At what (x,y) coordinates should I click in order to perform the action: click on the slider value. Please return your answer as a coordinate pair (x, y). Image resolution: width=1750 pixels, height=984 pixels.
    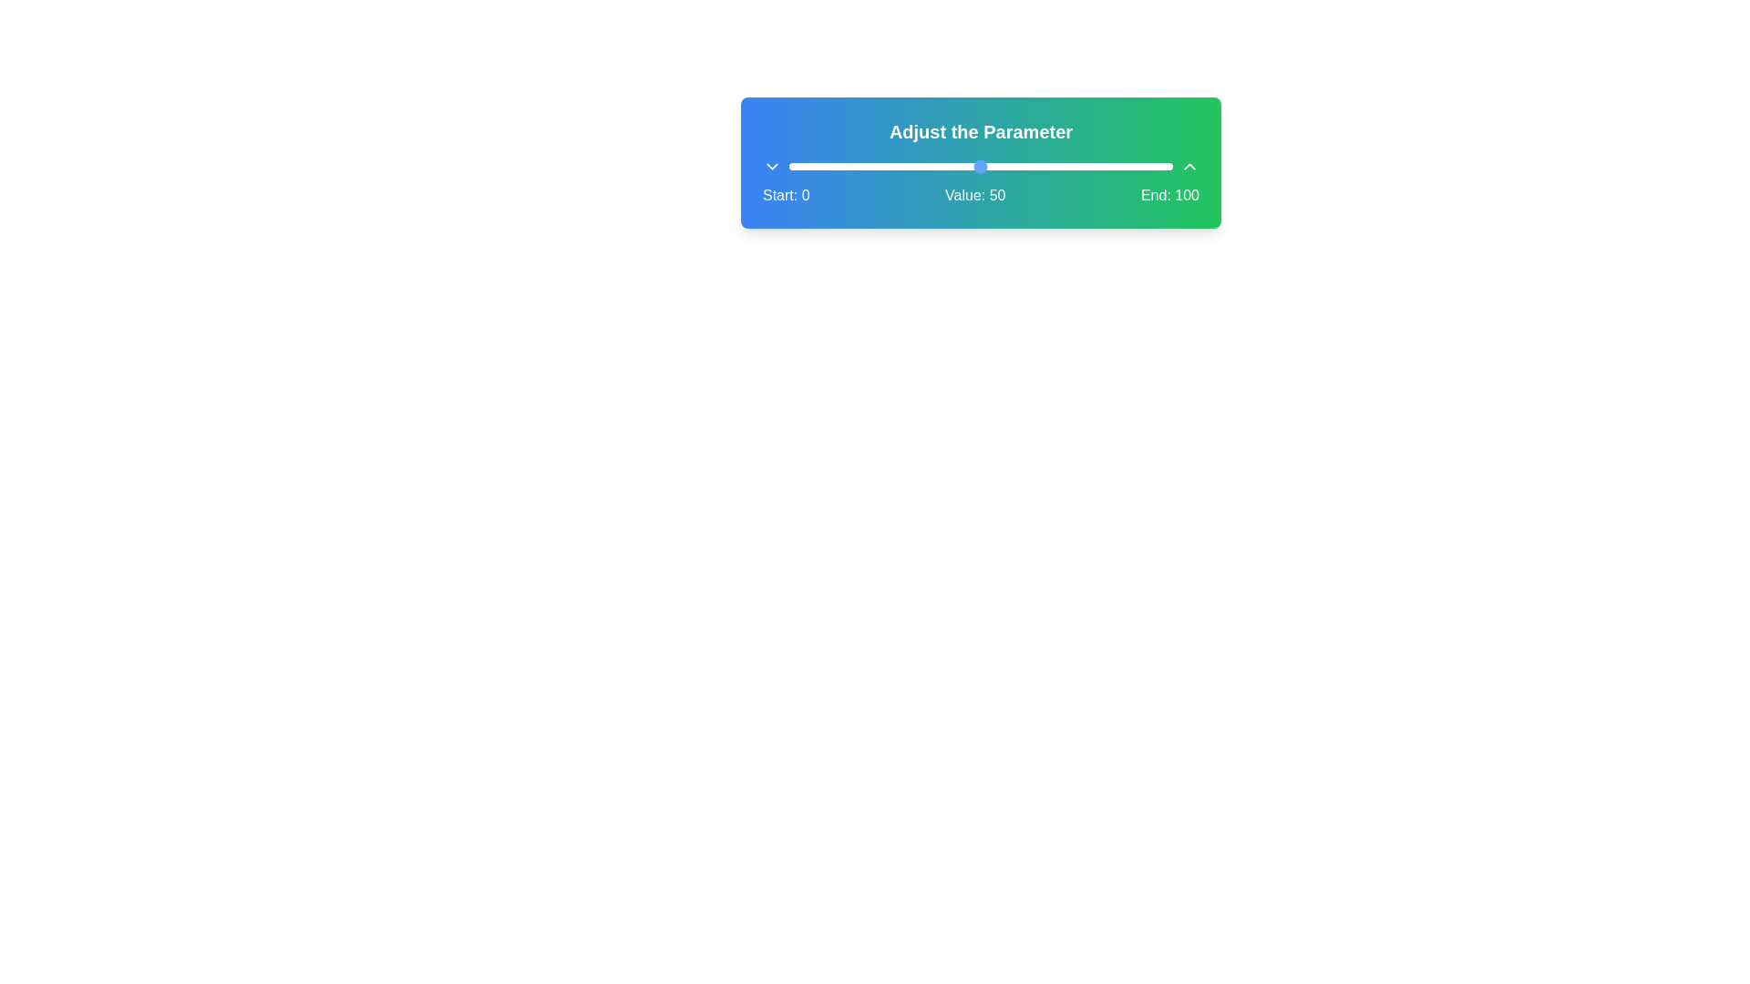
    Looking at the image, I should click on (1076, 166).